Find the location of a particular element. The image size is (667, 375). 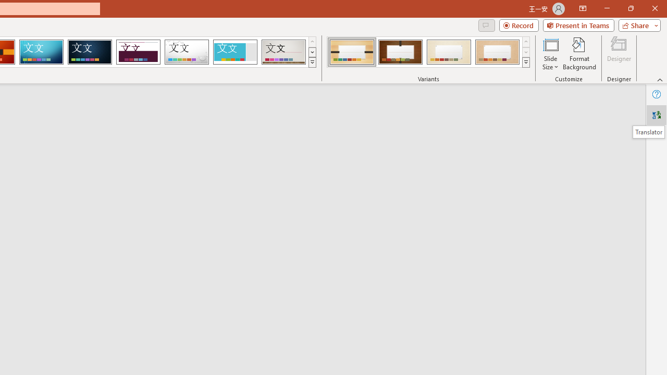

'Translator' is located at coordinates (648, 131).